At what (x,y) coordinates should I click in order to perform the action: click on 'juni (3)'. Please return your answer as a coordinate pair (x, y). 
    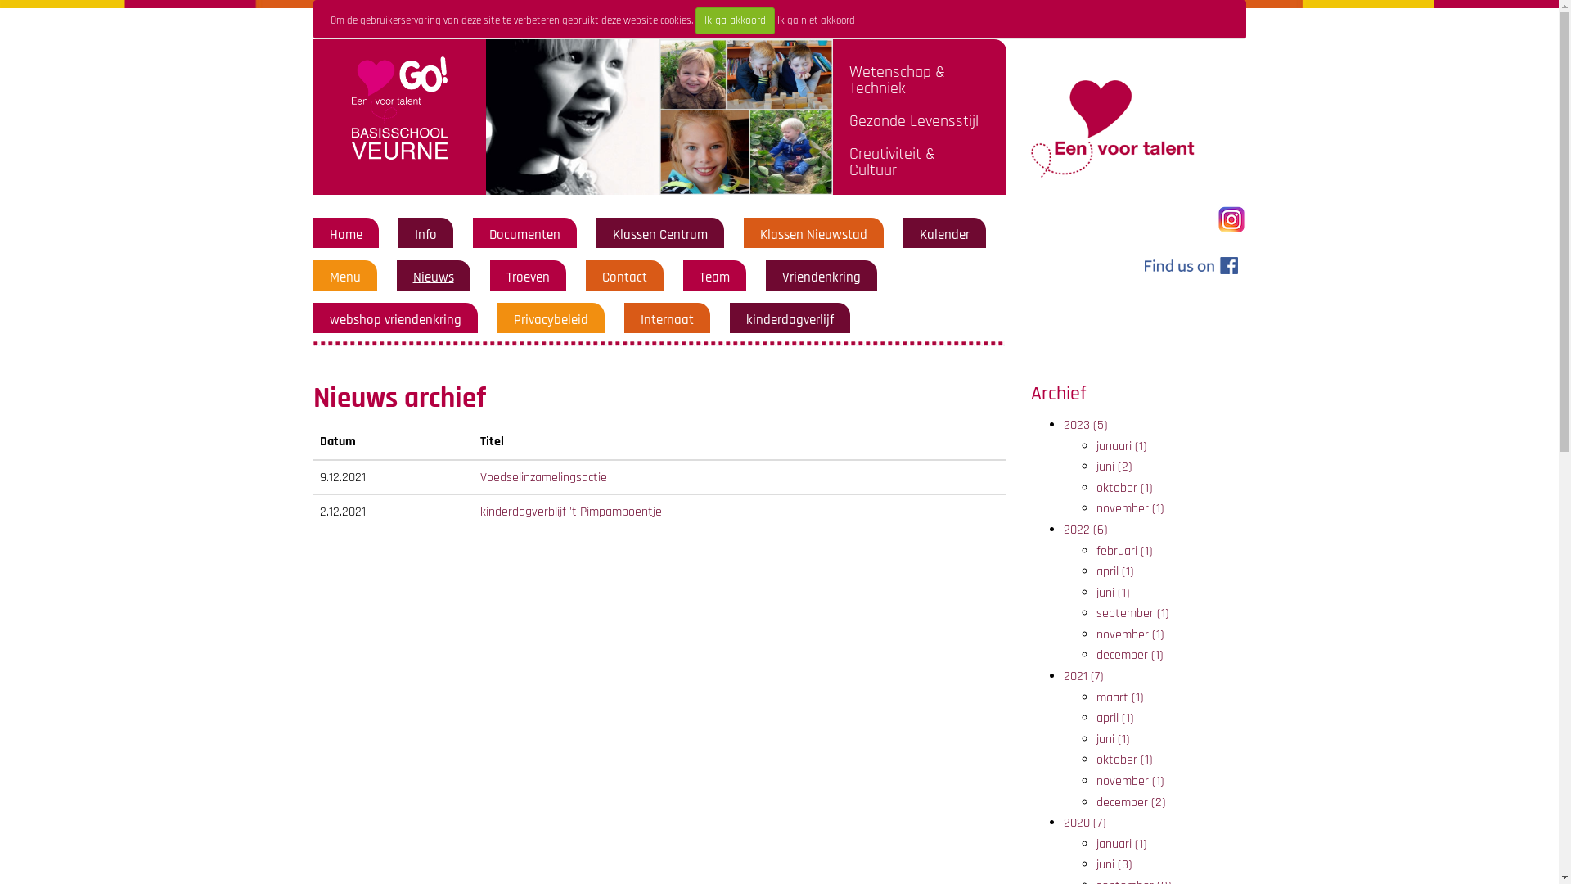
    Looking at the image, I should click on (1114, 864).